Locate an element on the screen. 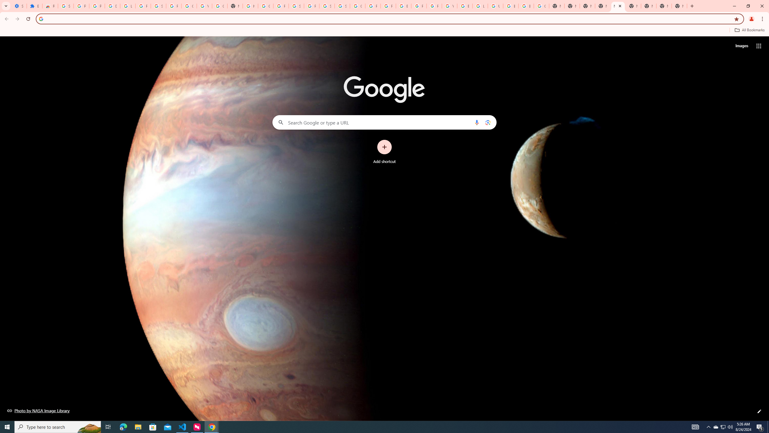 The image size is (769, 433). 'Privacy Help Center - Policies Help' is located at coordinates (388, 6).